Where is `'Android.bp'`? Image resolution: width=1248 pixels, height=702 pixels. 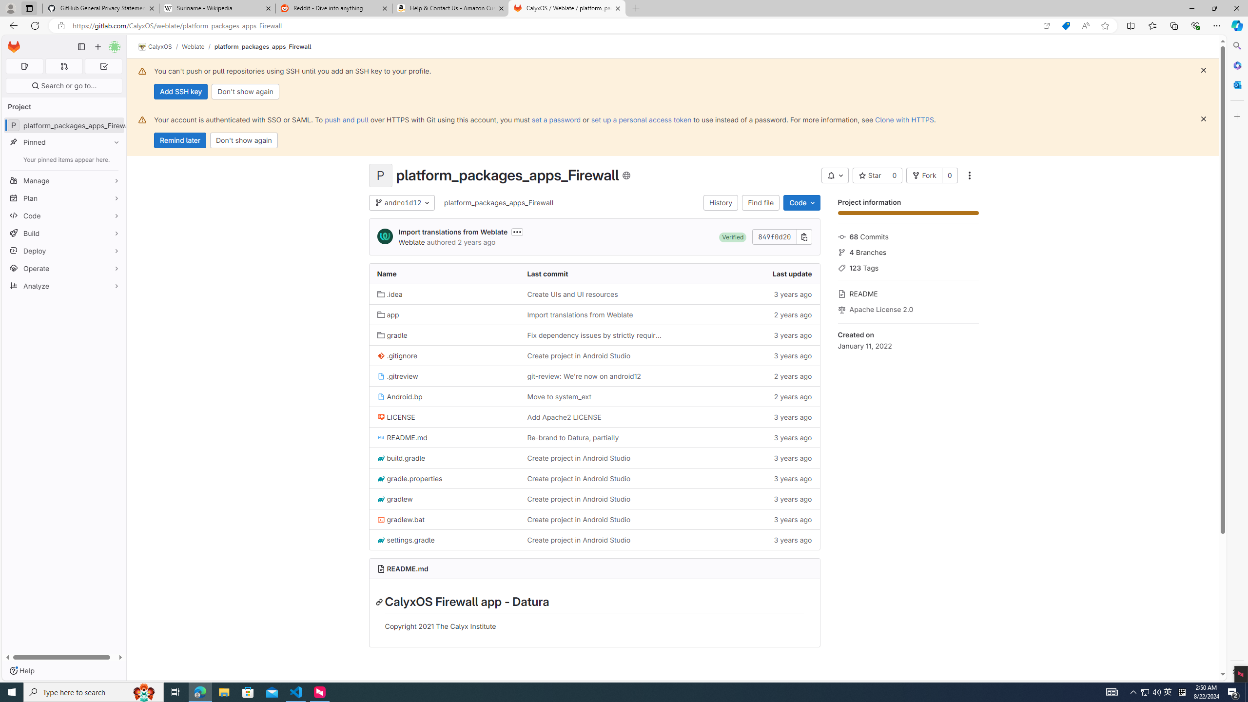 'Android.bp' is located at coordinates (399, 396).